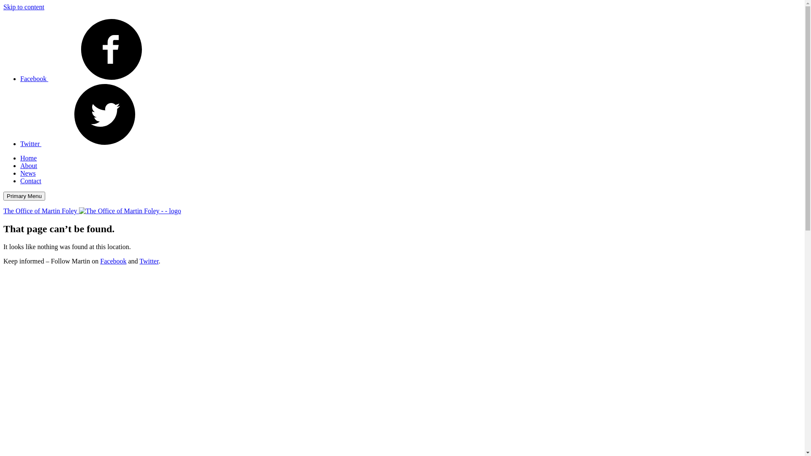  Describe the element at coordinates (149, 261) in the screenshot. I see `'Twitter'` at that location.